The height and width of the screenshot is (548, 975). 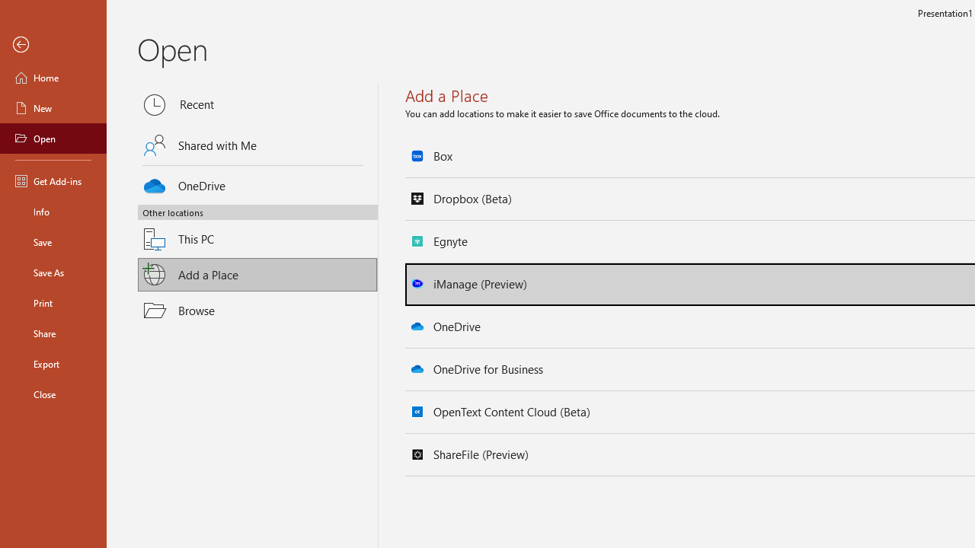 I want to click on 'Shared with Me', so click(x=257, y=145).